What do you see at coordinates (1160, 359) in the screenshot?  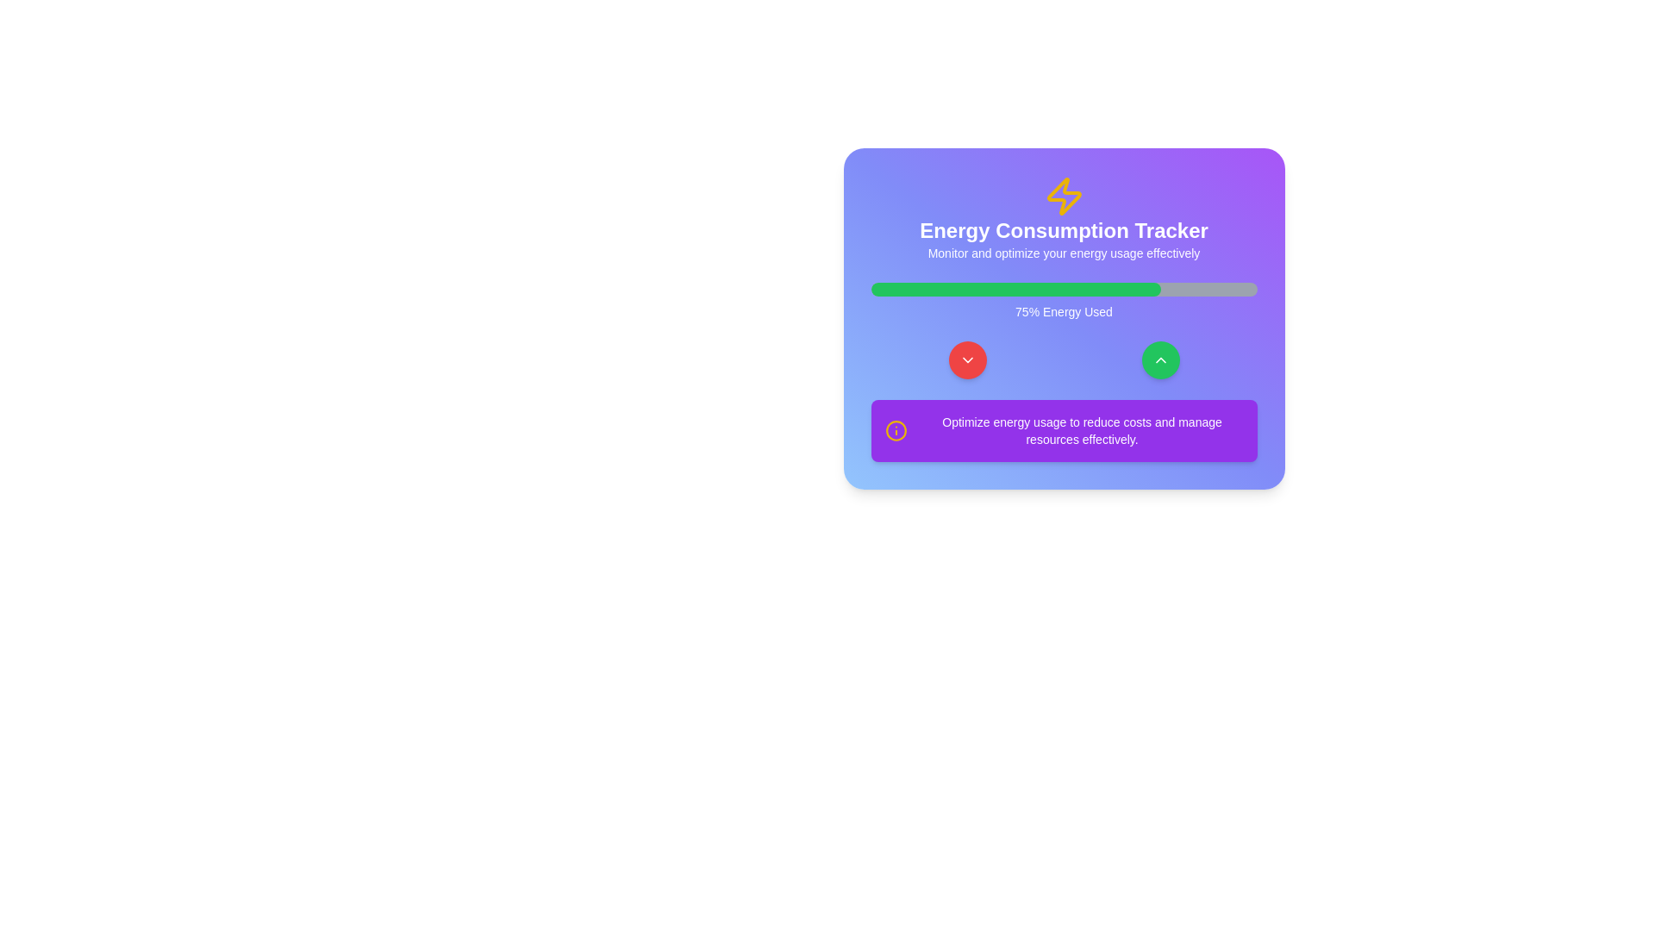 I see `the green circular button that contains the upward SVG icon` at bounding box center [1160, 359].